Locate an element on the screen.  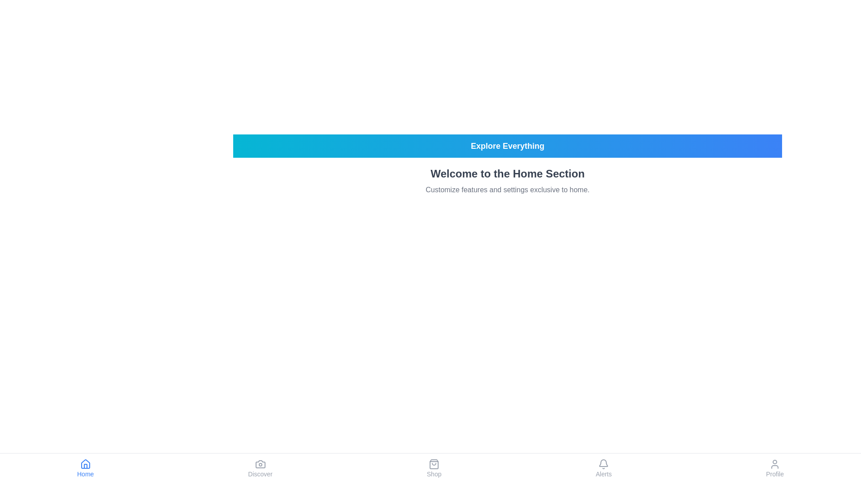
the Alerts tab in the bottom navigation bar is located at coordinates (603, 468).